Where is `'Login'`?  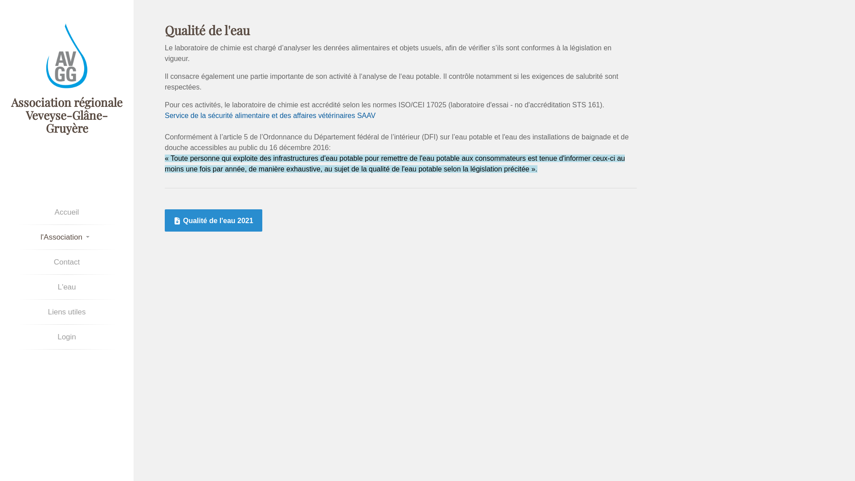
'Login' is located at coordinates (66, 337).